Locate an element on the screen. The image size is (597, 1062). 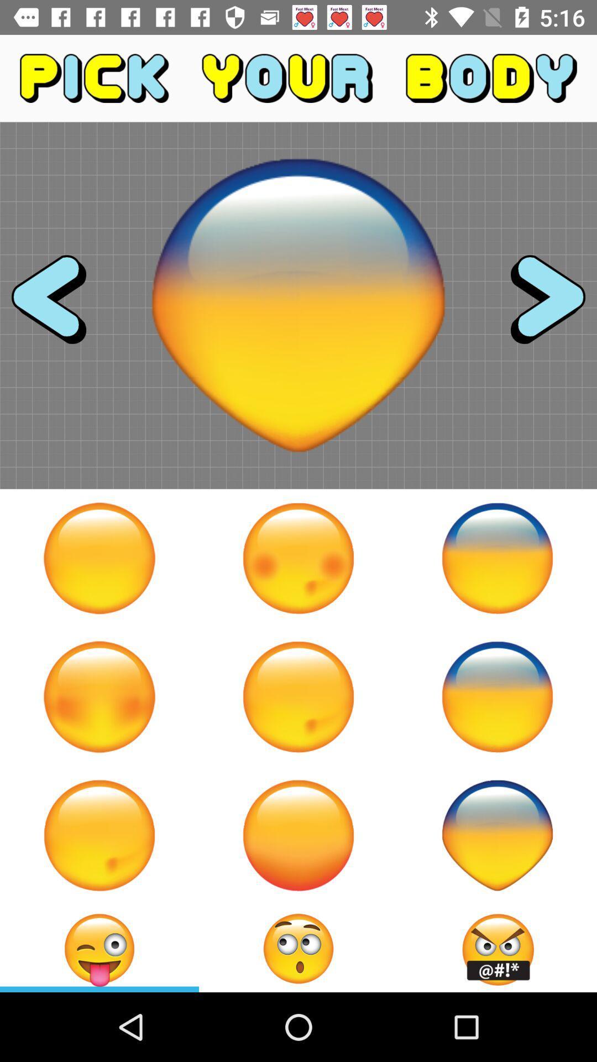
to pick is located at coordinates (298, 696).